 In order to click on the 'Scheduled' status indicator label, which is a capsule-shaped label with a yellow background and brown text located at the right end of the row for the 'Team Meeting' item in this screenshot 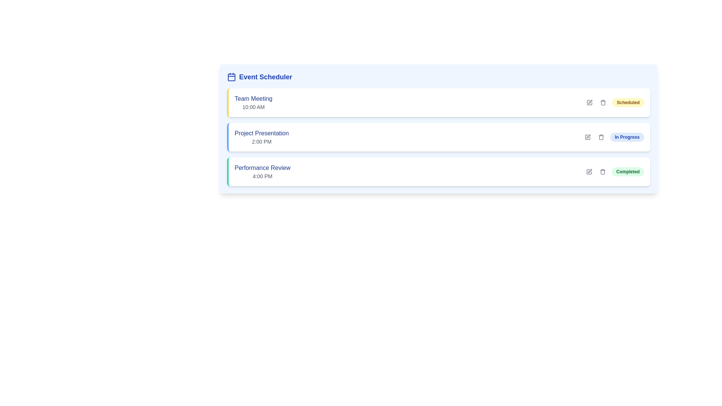, I will do `click(628, 103)`.